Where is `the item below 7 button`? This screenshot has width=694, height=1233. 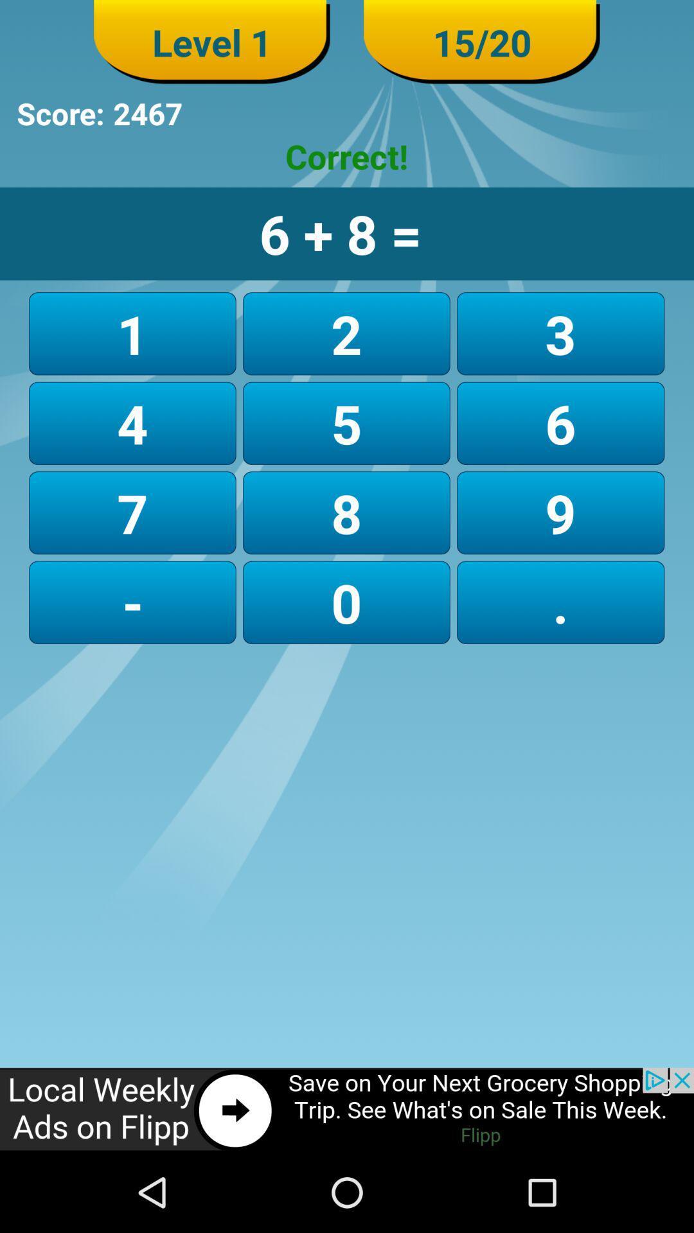 the item below 7 button is located at coordinates (346, 602).